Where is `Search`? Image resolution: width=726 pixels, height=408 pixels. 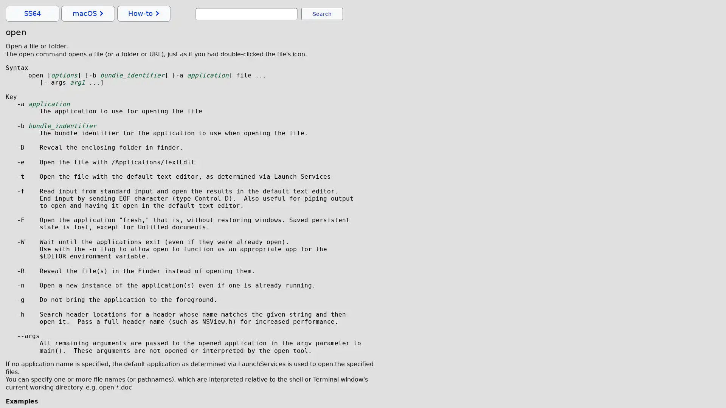
Search is located at coordinates (321, 14).